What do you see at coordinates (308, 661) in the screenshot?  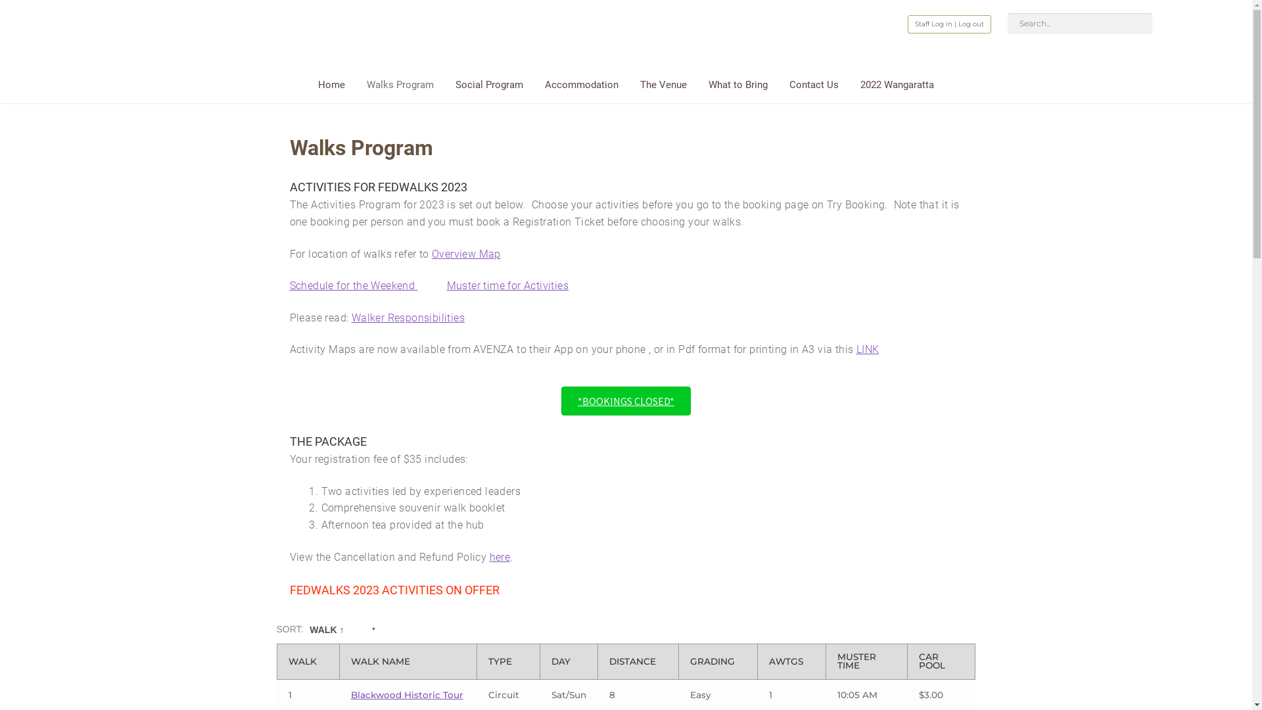 I see `'WALK'` at bounding box center [308, 661].